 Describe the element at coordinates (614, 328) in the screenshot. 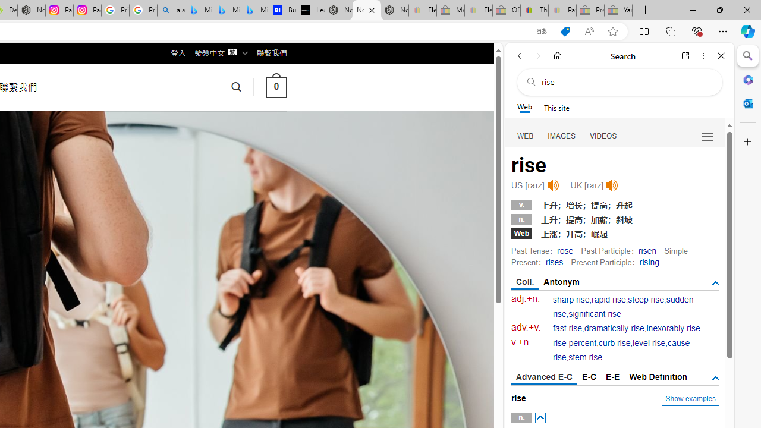

I see `'dramatically rise'` at that location.